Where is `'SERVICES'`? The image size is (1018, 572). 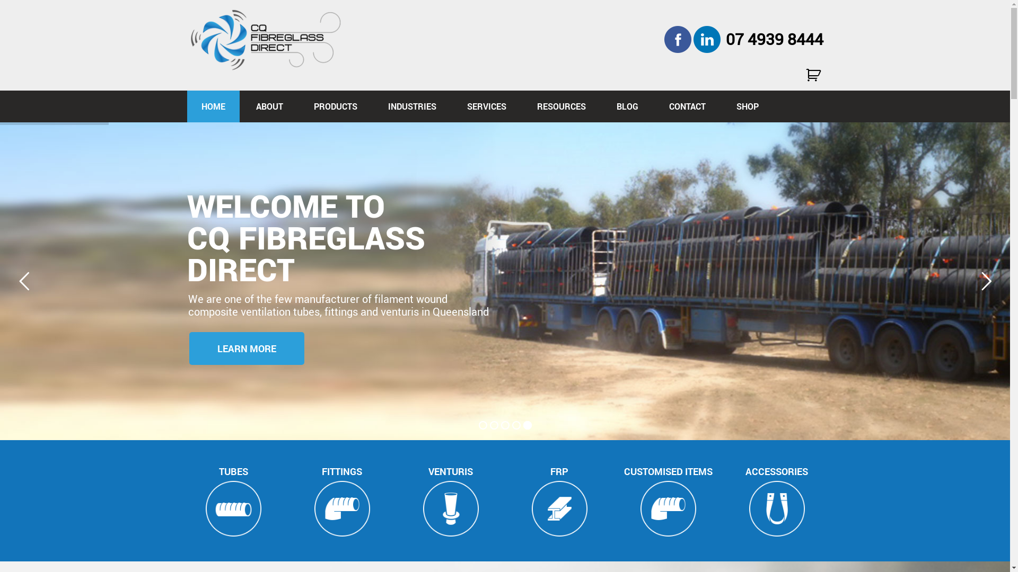 'SERVICES' is located at coordinates (486, 106).